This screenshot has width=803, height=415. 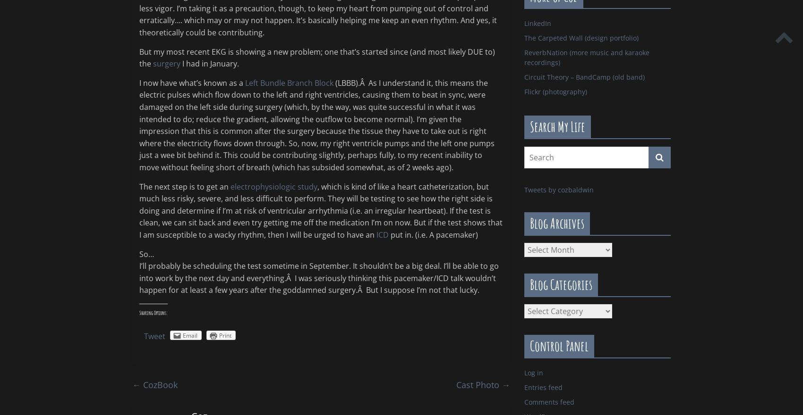 What do you see at coordinates (382, 234) in the screenshot?
I see `'ICD'` at bounding box center [382, 234].